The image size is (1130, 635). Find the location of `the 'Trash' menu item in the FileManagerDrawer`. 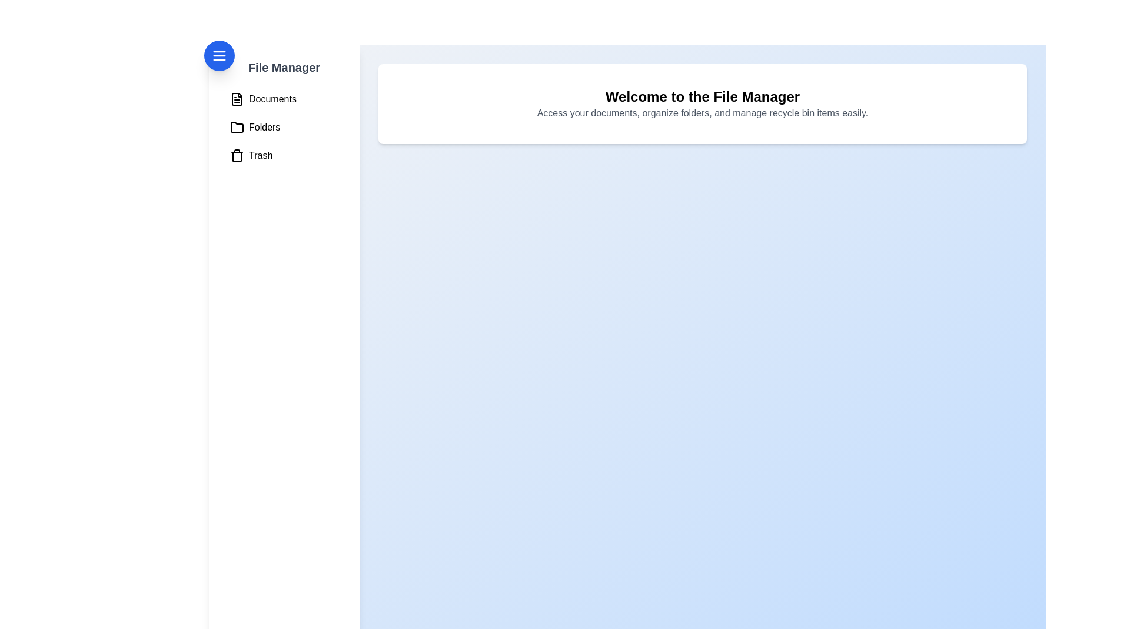

the 'Trash' menu item in the FileManagerDrawer is located at coordinates (284, 155).